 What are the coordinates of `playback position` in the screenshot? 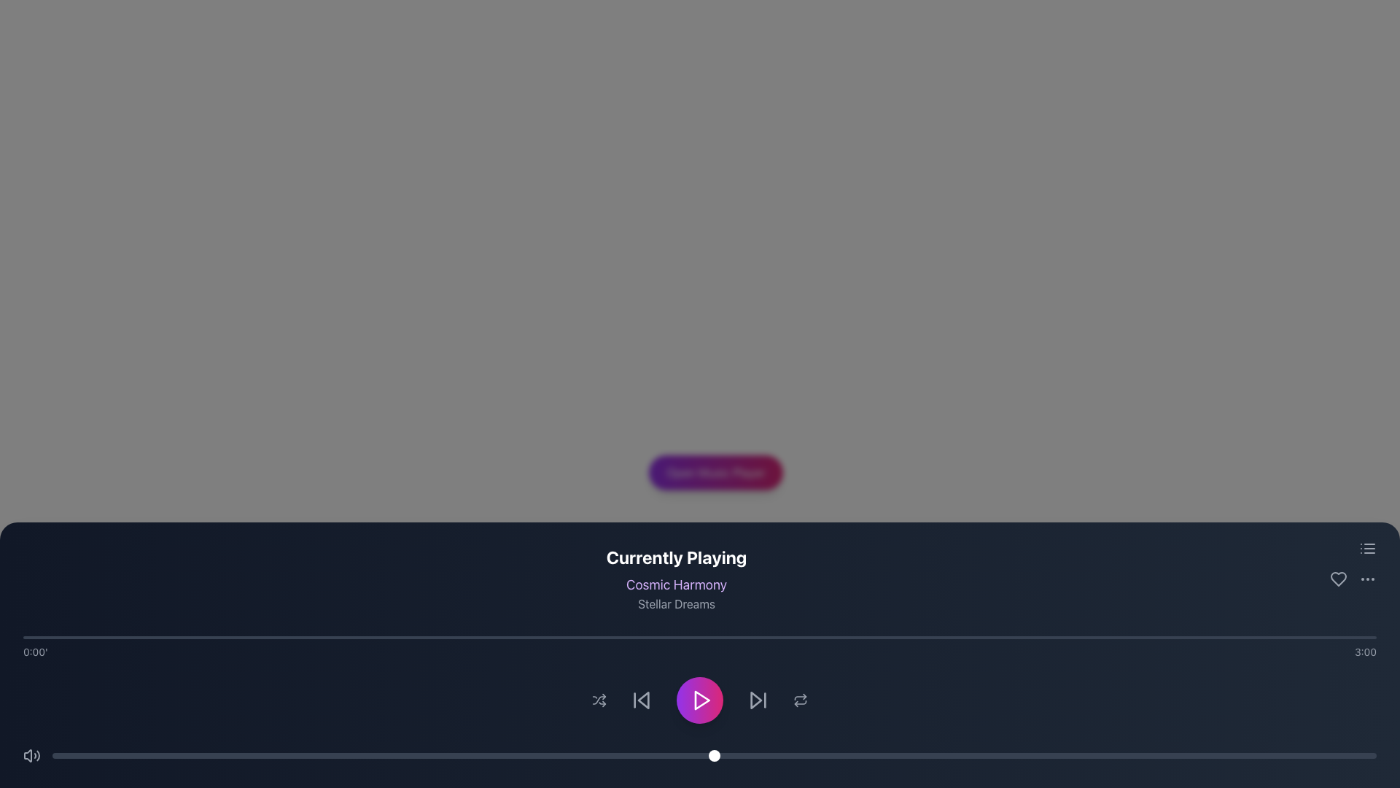 It's located at (105, 637).